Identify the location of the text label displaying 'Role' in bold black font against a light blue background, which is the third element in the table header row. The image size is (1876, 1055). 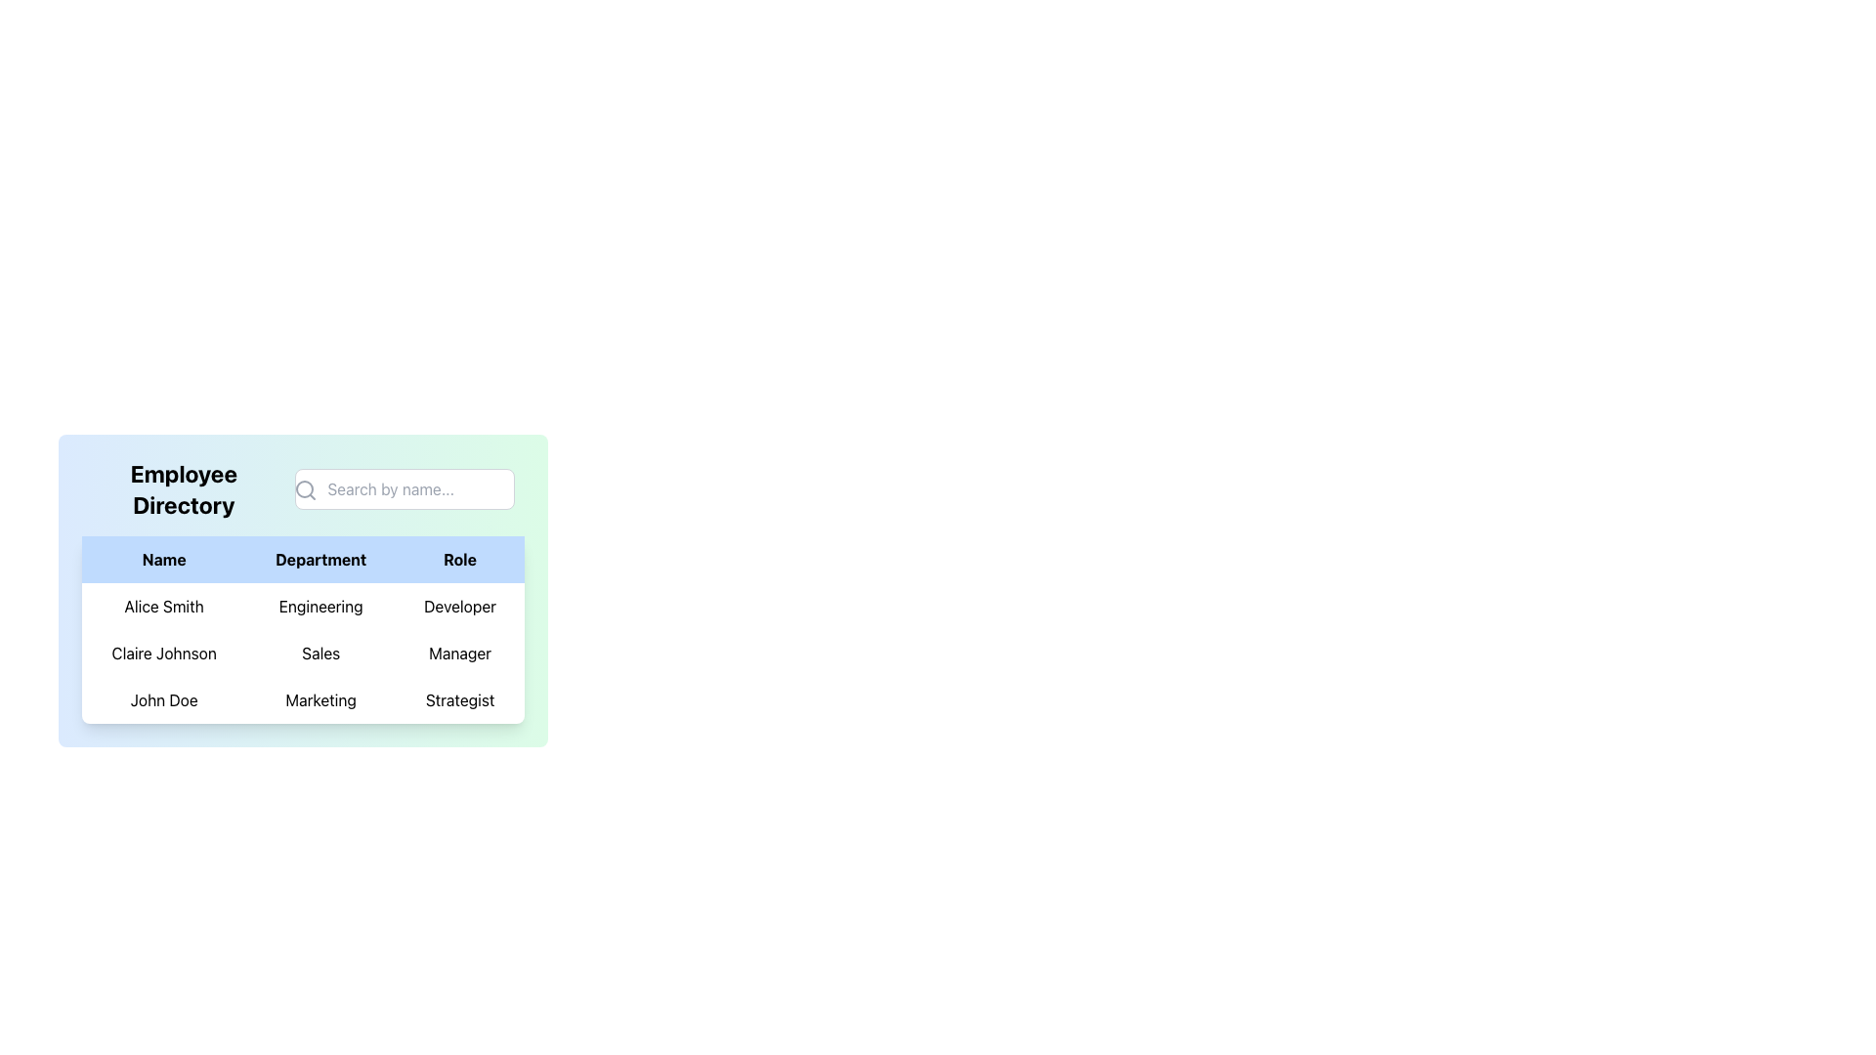
(458, 560).